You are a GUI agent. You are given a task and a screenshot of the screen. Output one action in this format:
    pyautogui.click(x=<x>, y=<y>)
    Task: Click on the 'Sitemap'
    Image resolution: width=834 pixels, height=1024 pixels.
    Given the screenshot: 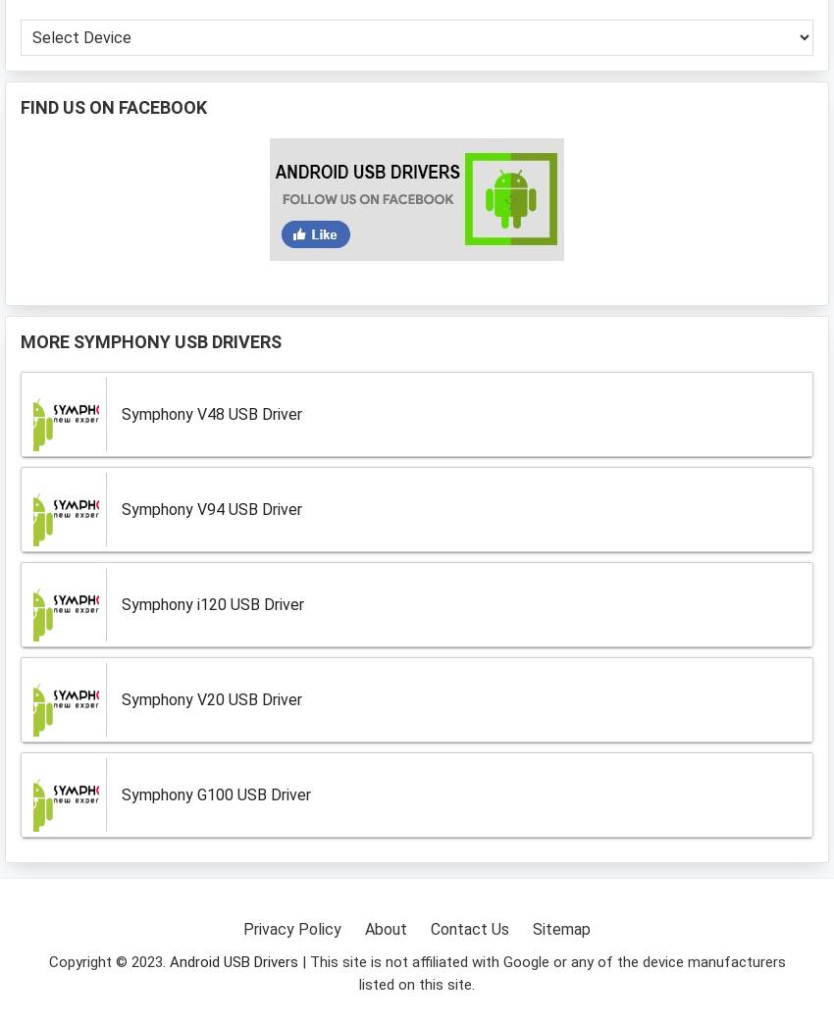 What is the action you would take?
    pyautogui.click(x=561, y=928)
    